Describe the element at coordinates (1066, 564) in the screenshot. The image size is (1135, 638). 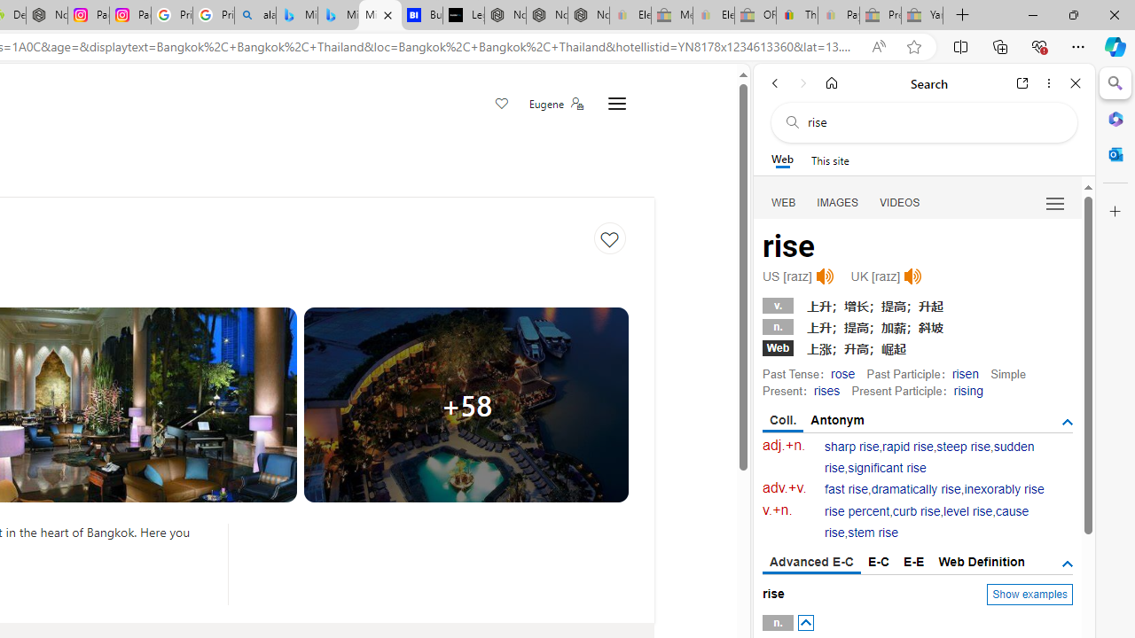
I see `'AutomationID: tgdef'` at that location.